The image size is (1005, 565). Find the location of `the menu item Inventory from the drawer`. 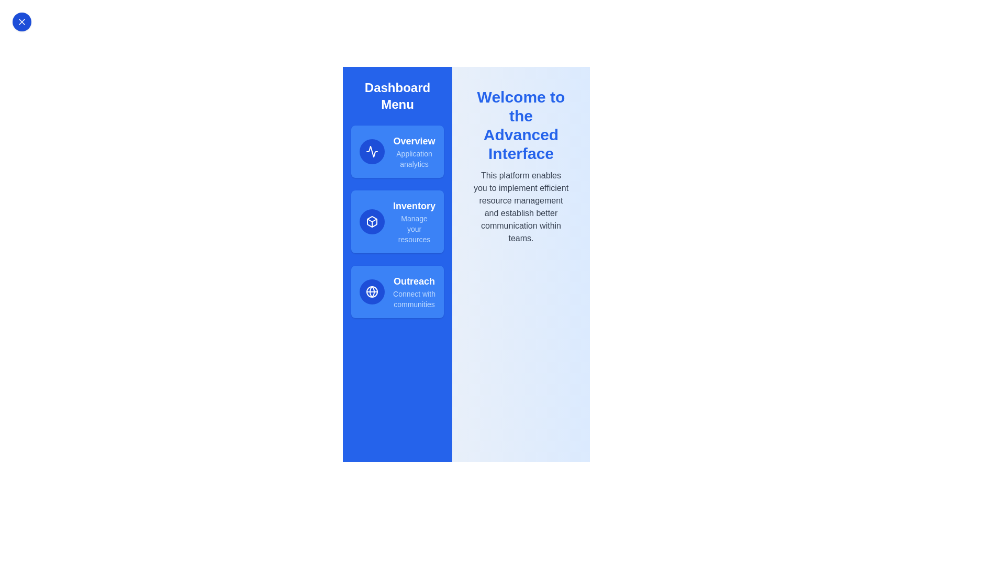

the menu item Inventory from the drawer is located at coordinates (397, 221).